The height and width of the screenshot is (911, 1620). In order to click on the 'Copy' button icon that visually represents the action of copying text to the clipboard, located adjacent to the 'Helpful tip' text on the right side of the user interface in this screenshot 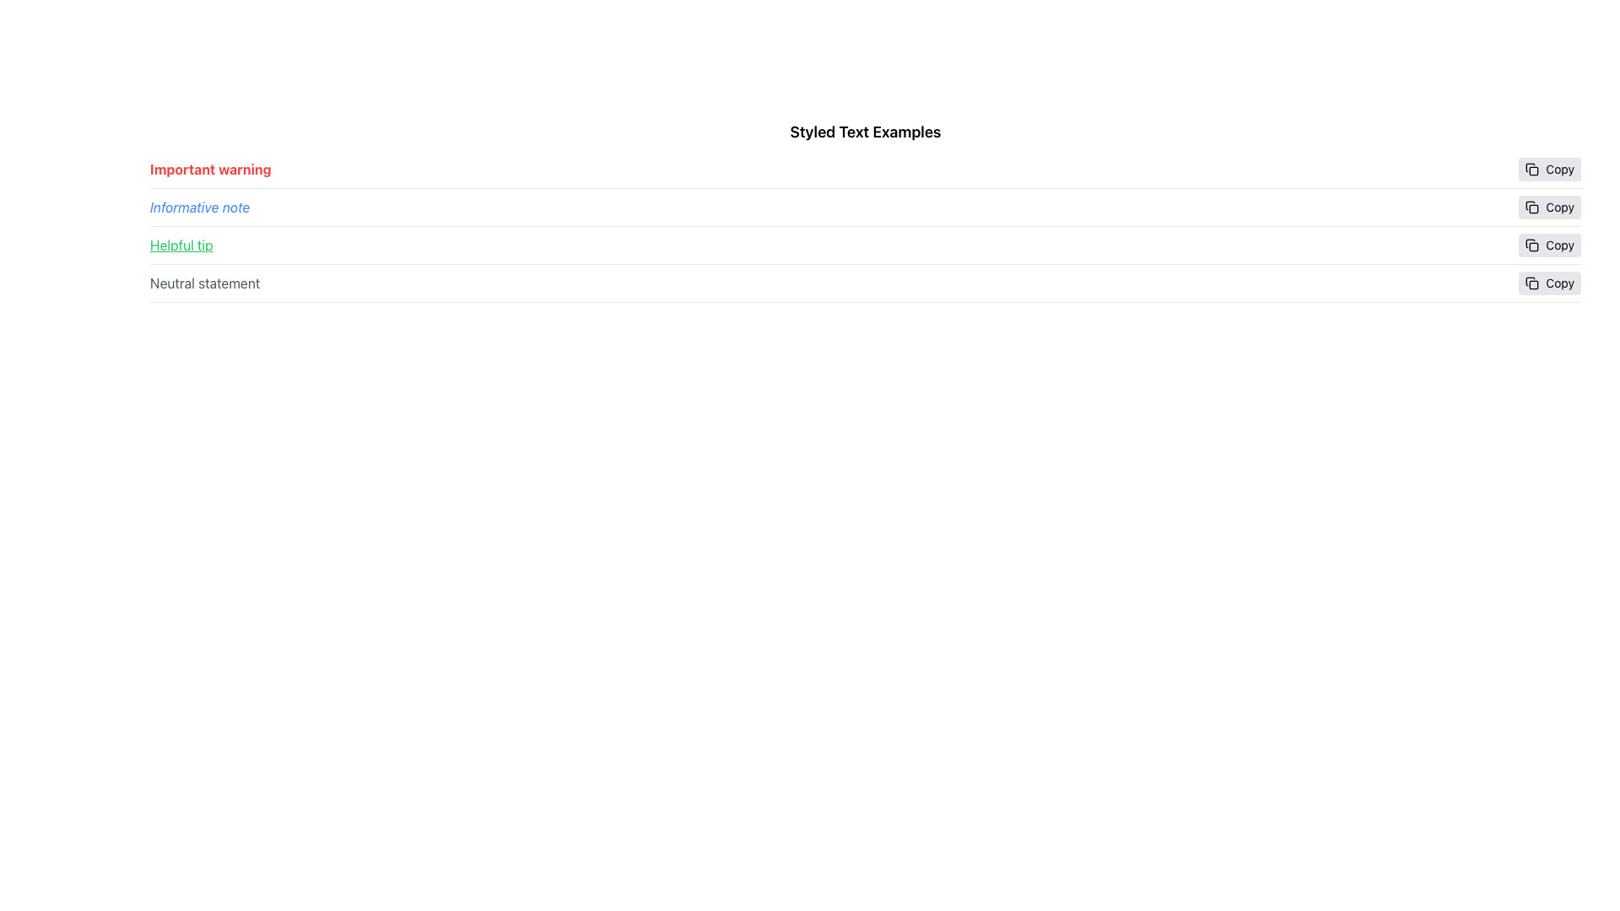, I will do `click(1532, 207)`.